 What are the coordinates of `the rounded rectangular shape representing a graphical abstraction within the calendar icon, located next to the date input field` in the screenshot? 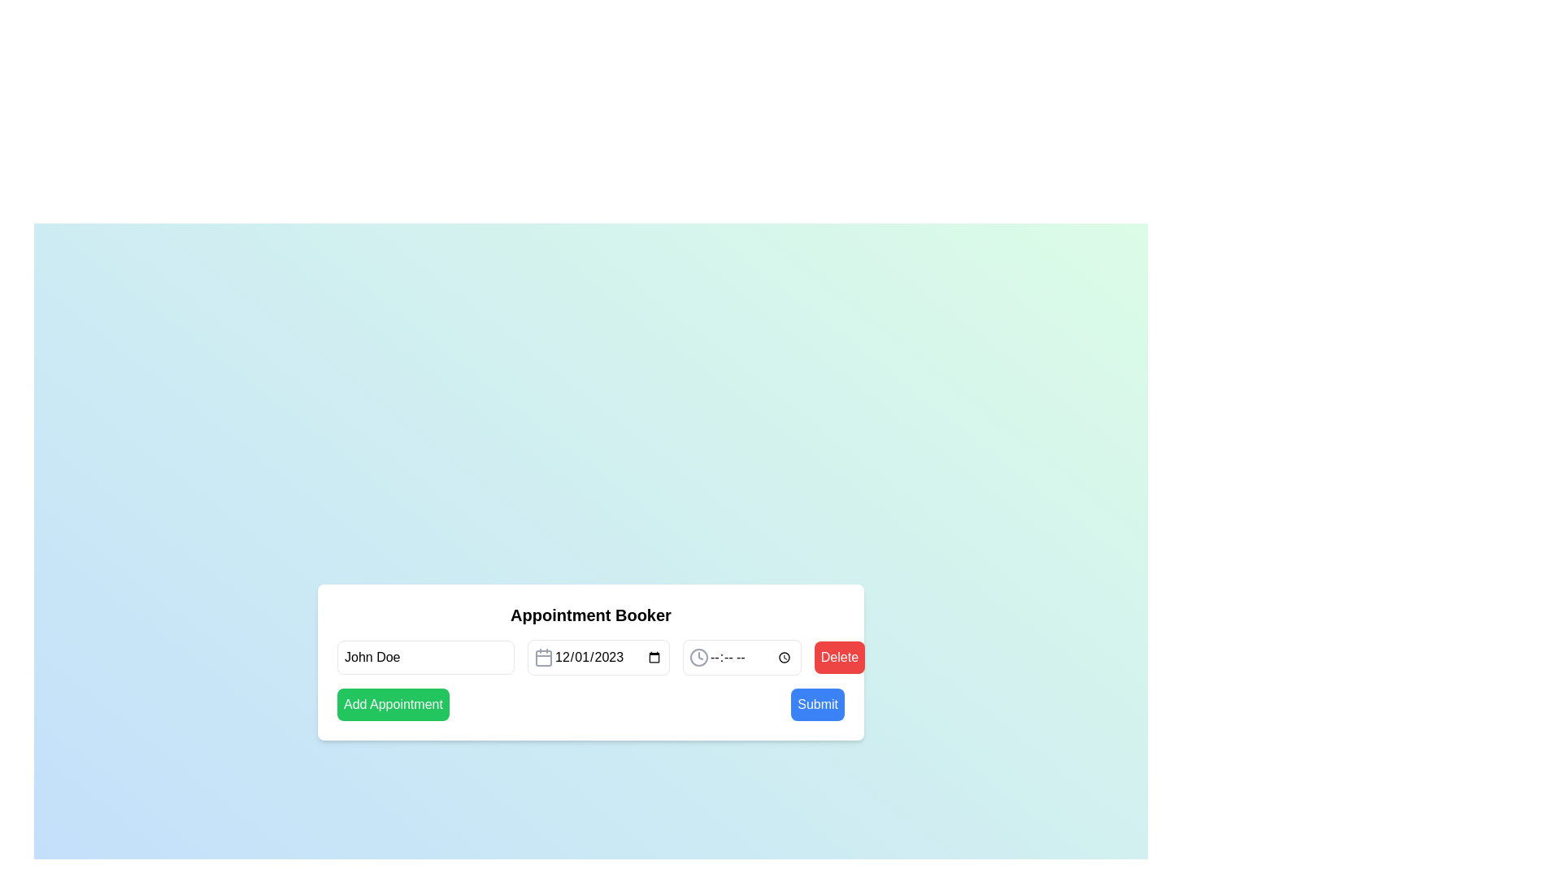 It's located at (543, 658).